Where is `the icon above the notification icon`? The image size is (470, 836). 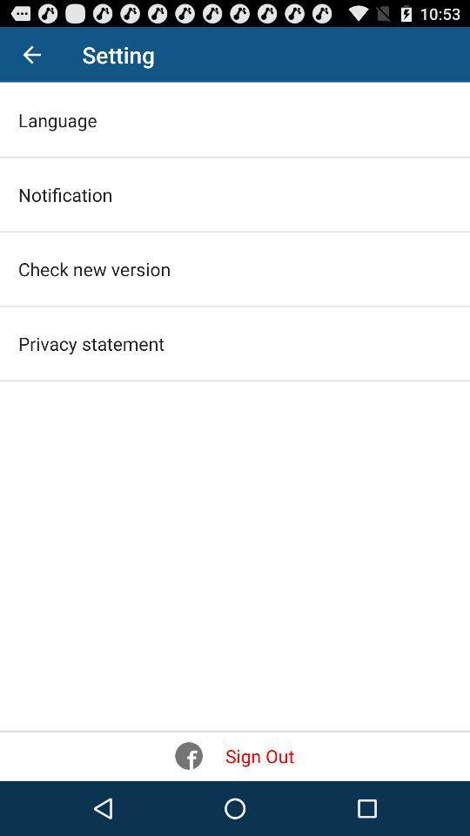
the icon above the notification icon is located at coordinates (57, 118).